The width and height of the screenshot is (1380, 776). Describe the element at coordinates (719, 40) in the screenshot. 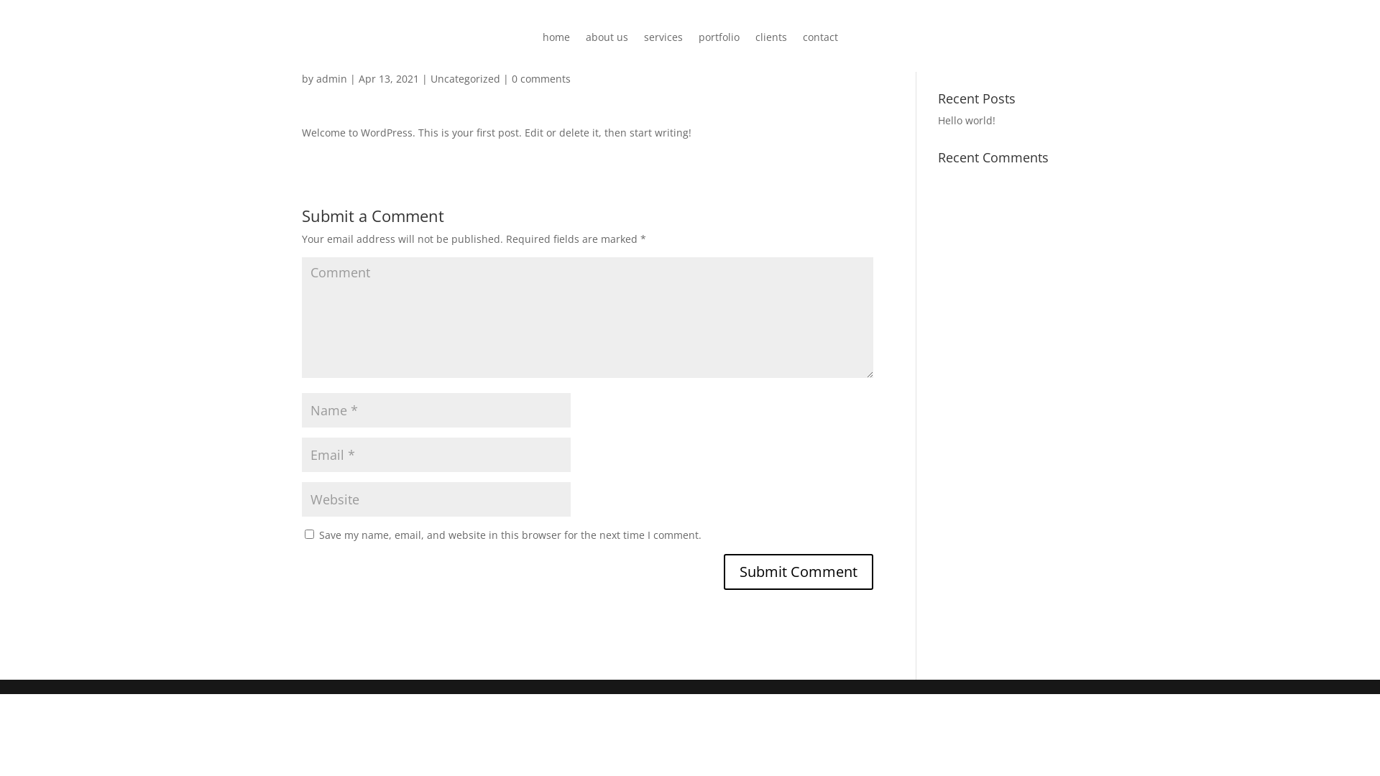

I see `'portfolio'` at that location.